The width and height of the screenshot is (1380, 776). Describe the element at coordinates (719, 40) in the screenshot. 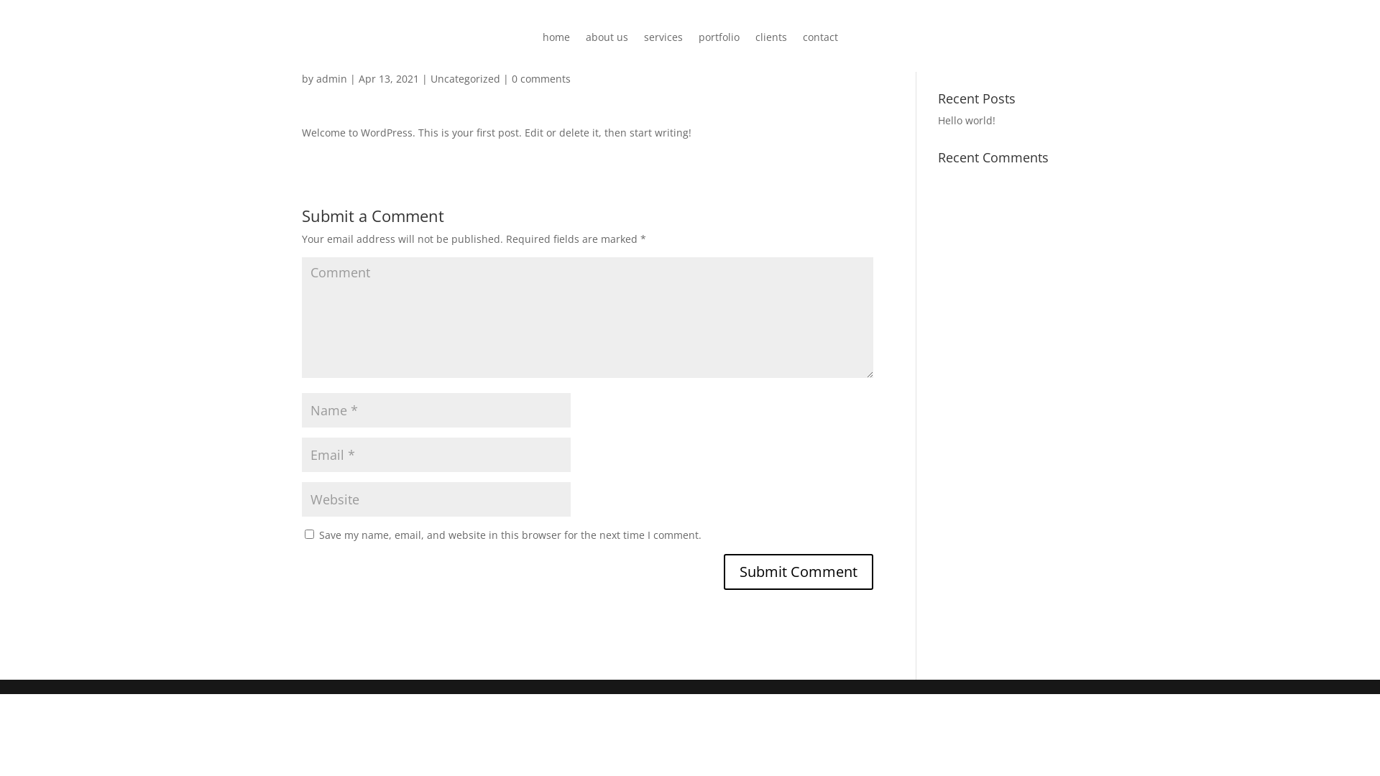

I see `'portfolio'` at that location.